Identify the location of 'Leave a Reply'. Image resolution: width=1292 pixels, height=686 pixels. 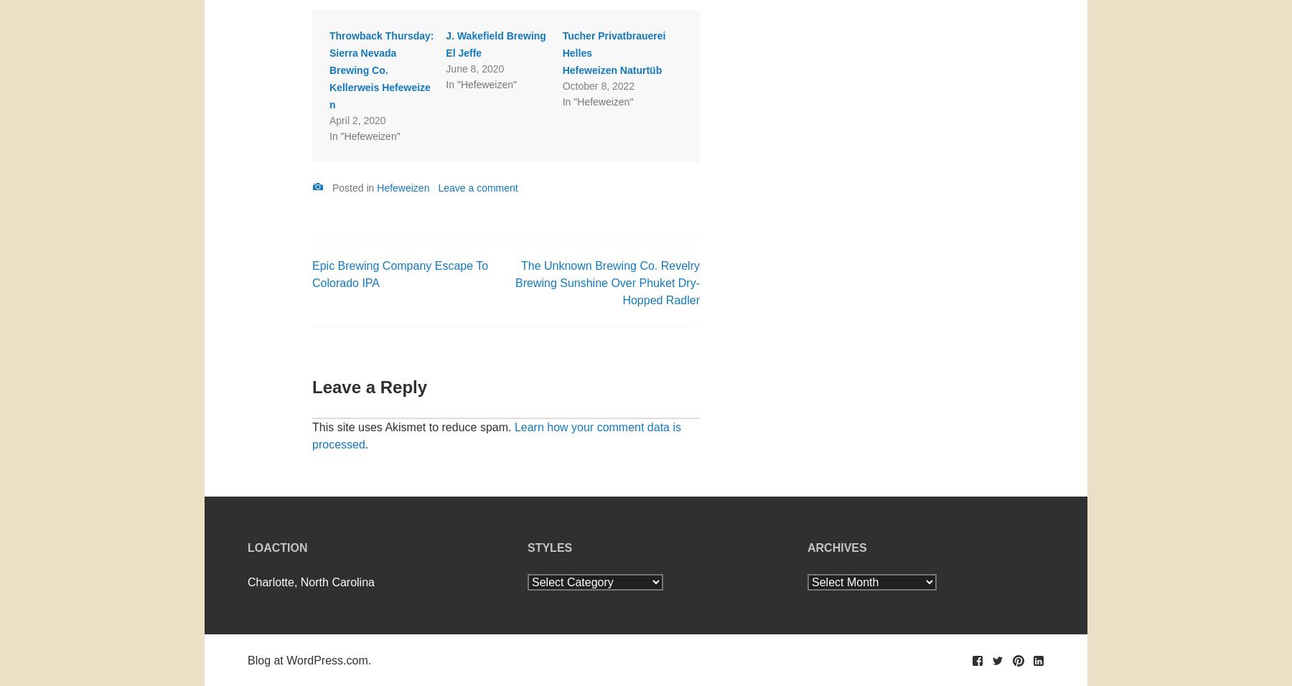
(368, 385).